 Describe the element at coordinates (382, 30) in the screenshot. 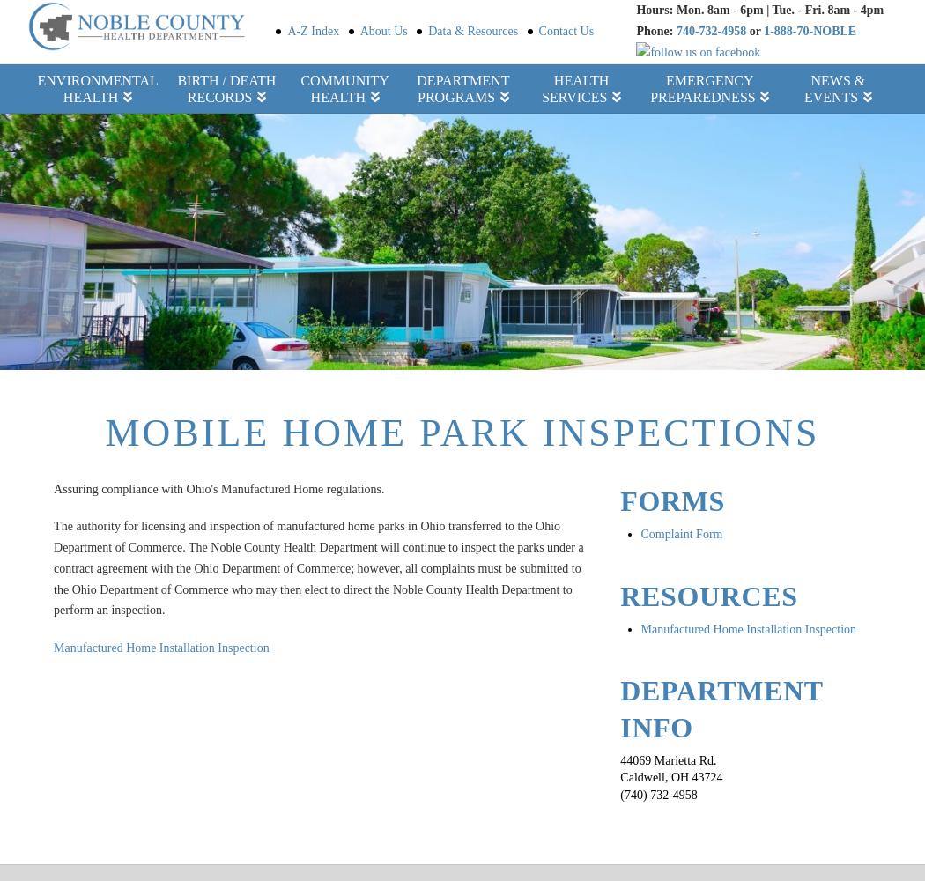

I see `'About Us'` at that location.